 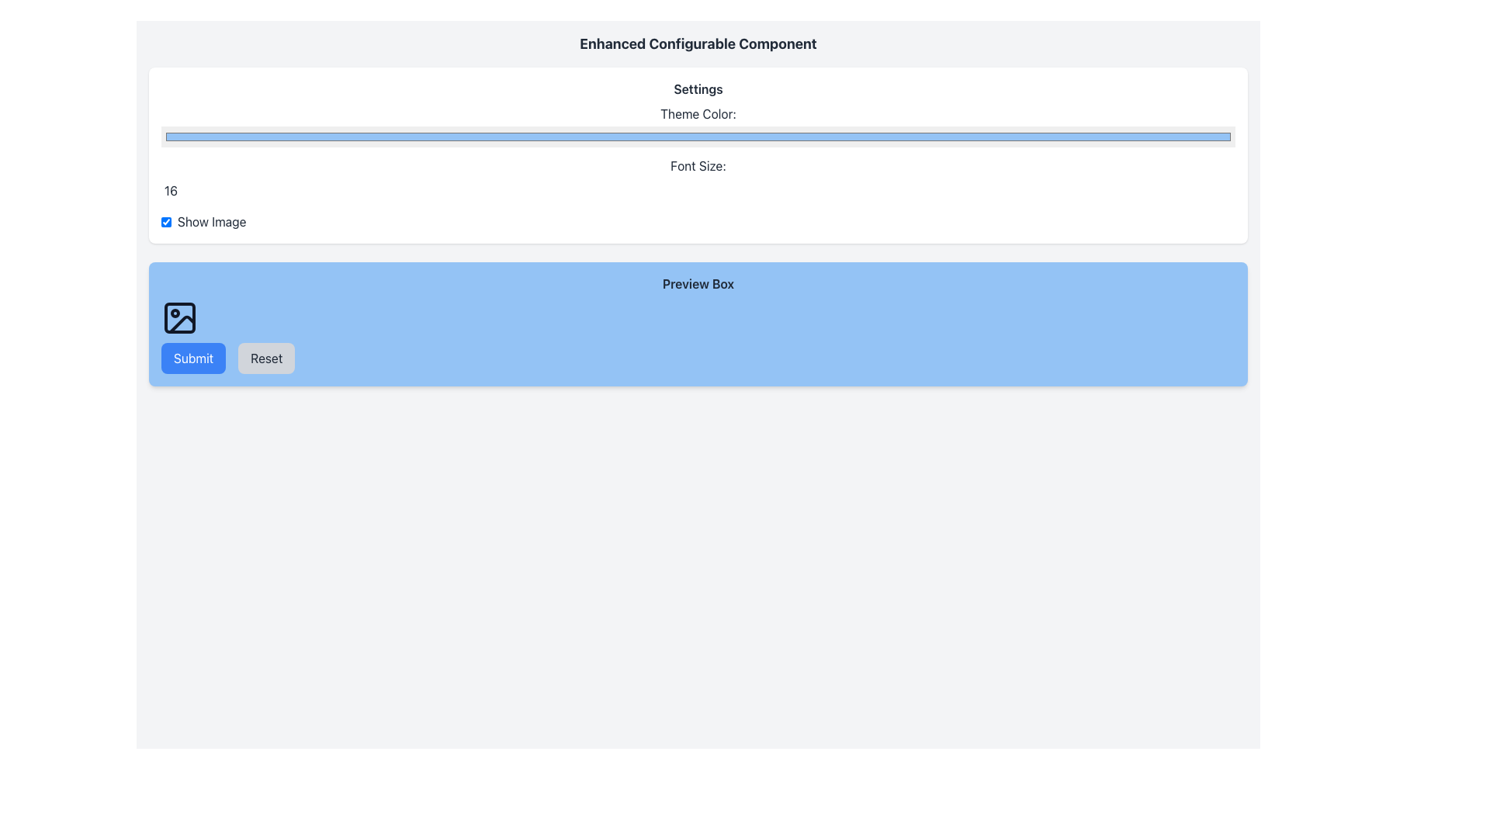 I want to click on the decorative icon located in the 'Preview Box' section, which is above and left-aligned with the 'Submit' button, on its light blue background area, so click(x=179, y=317).